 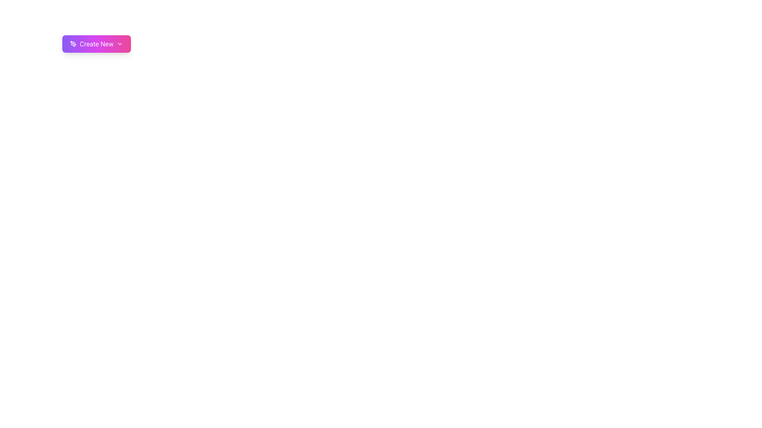 What do you see at coordinates (119, 44) in the screenshot?
I see `the chevron icon located at the far right of the 'Create New' button` at bounding box center [119, 44].